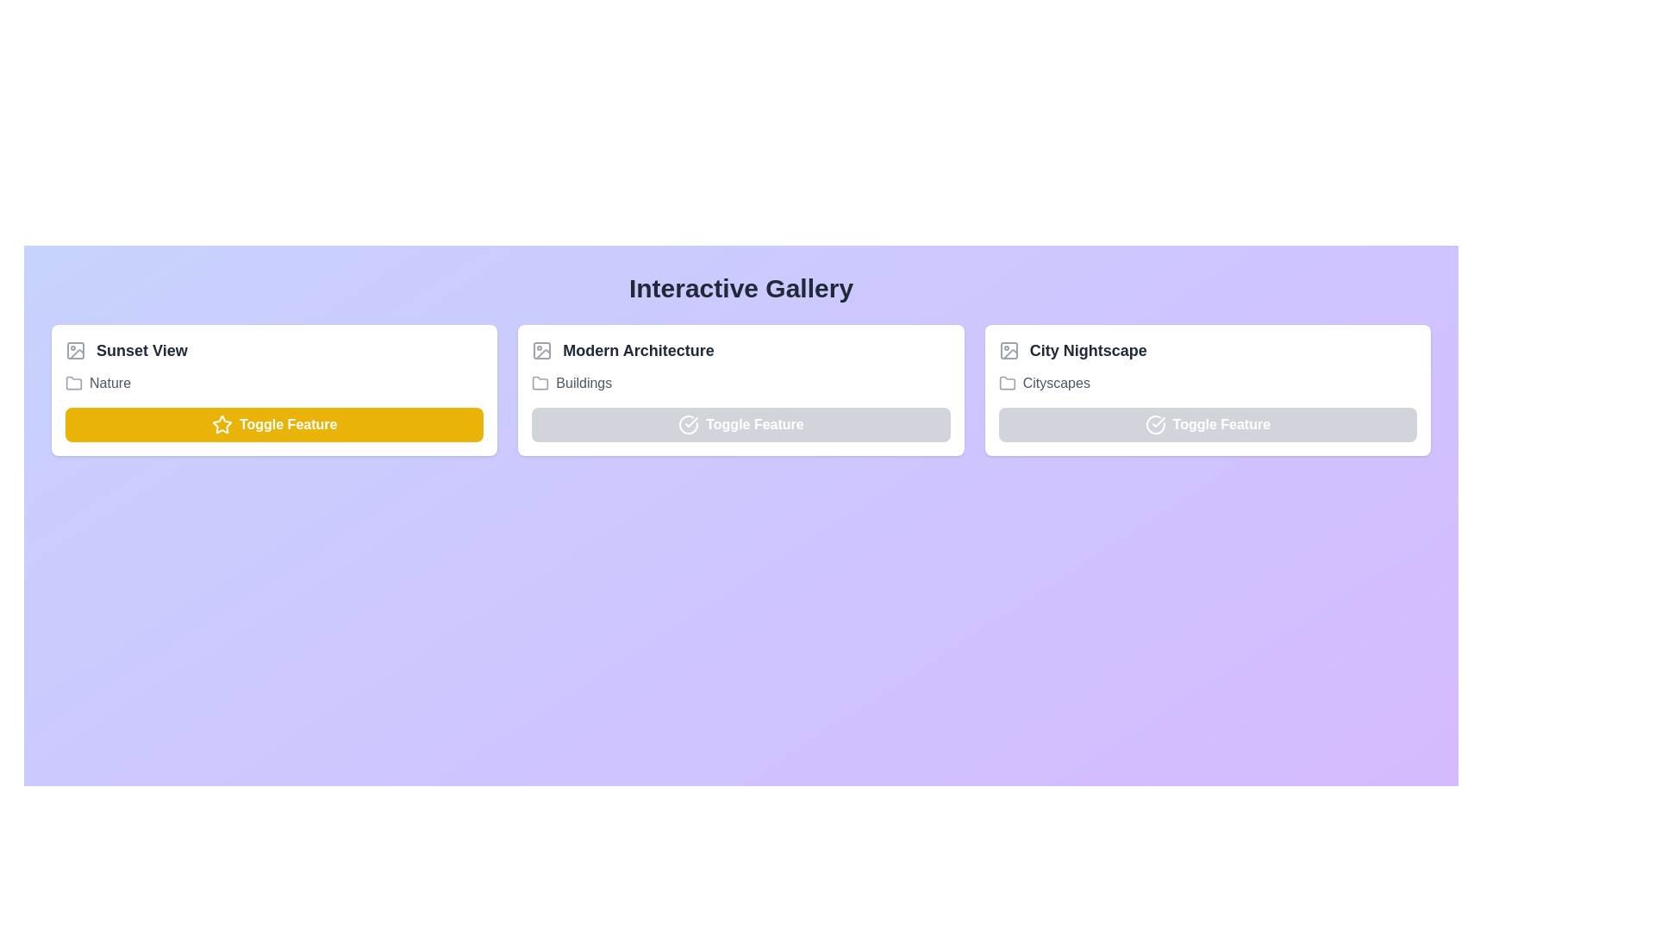 The height and width of the screenshot is (931, 1655). What do you see at coordinates (688, 425) in the screenshot?
I see `the SVG graphics component located centrally within the 'Toggle Feature' button beneath the 'Modern Architecture' card` at bounding box center [688, 425].